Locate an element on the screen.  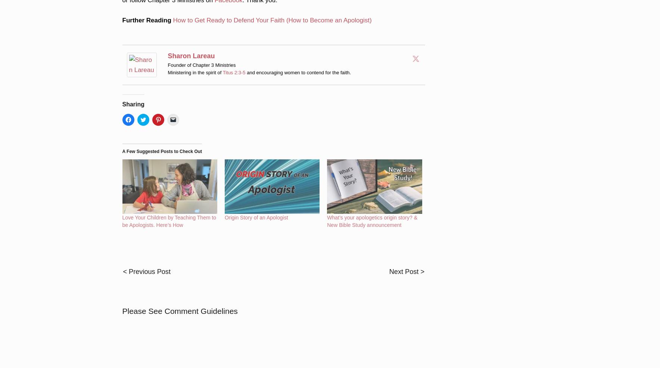
'Sharon Lareau' is located at coordinates (191, 46).